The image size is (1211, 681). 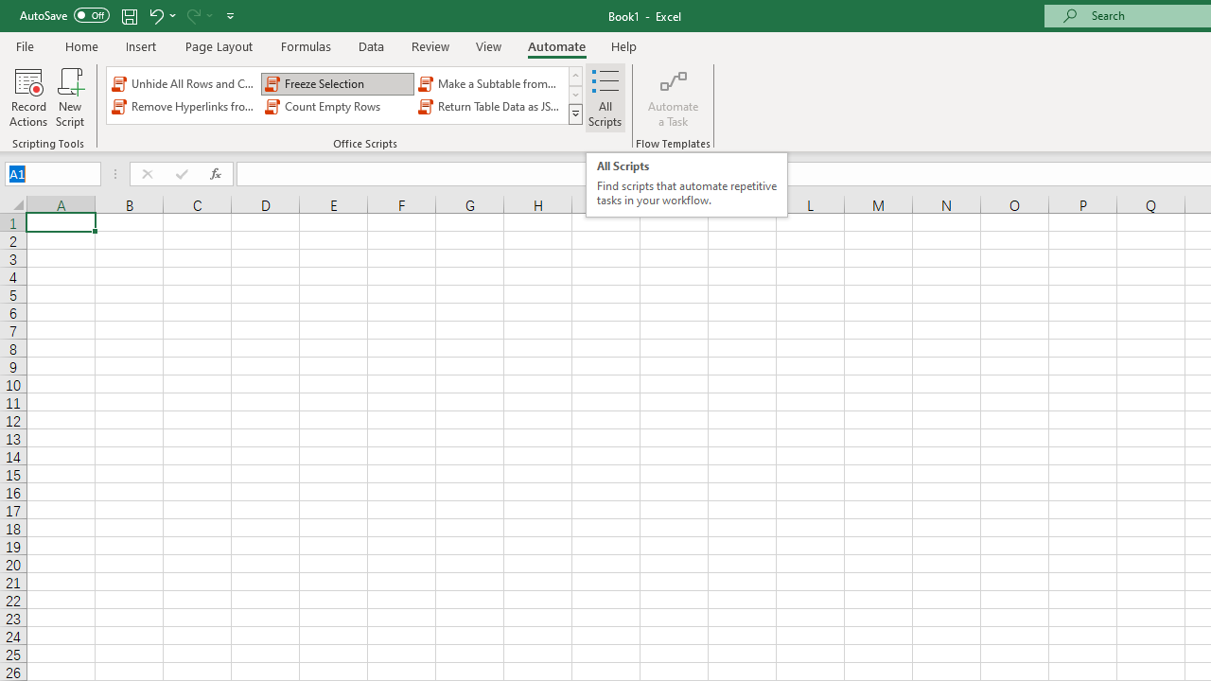 What do you see at coordinates (192, 15) in the screenshot?
I see `'Redo'` at bounding box center [192, 15].